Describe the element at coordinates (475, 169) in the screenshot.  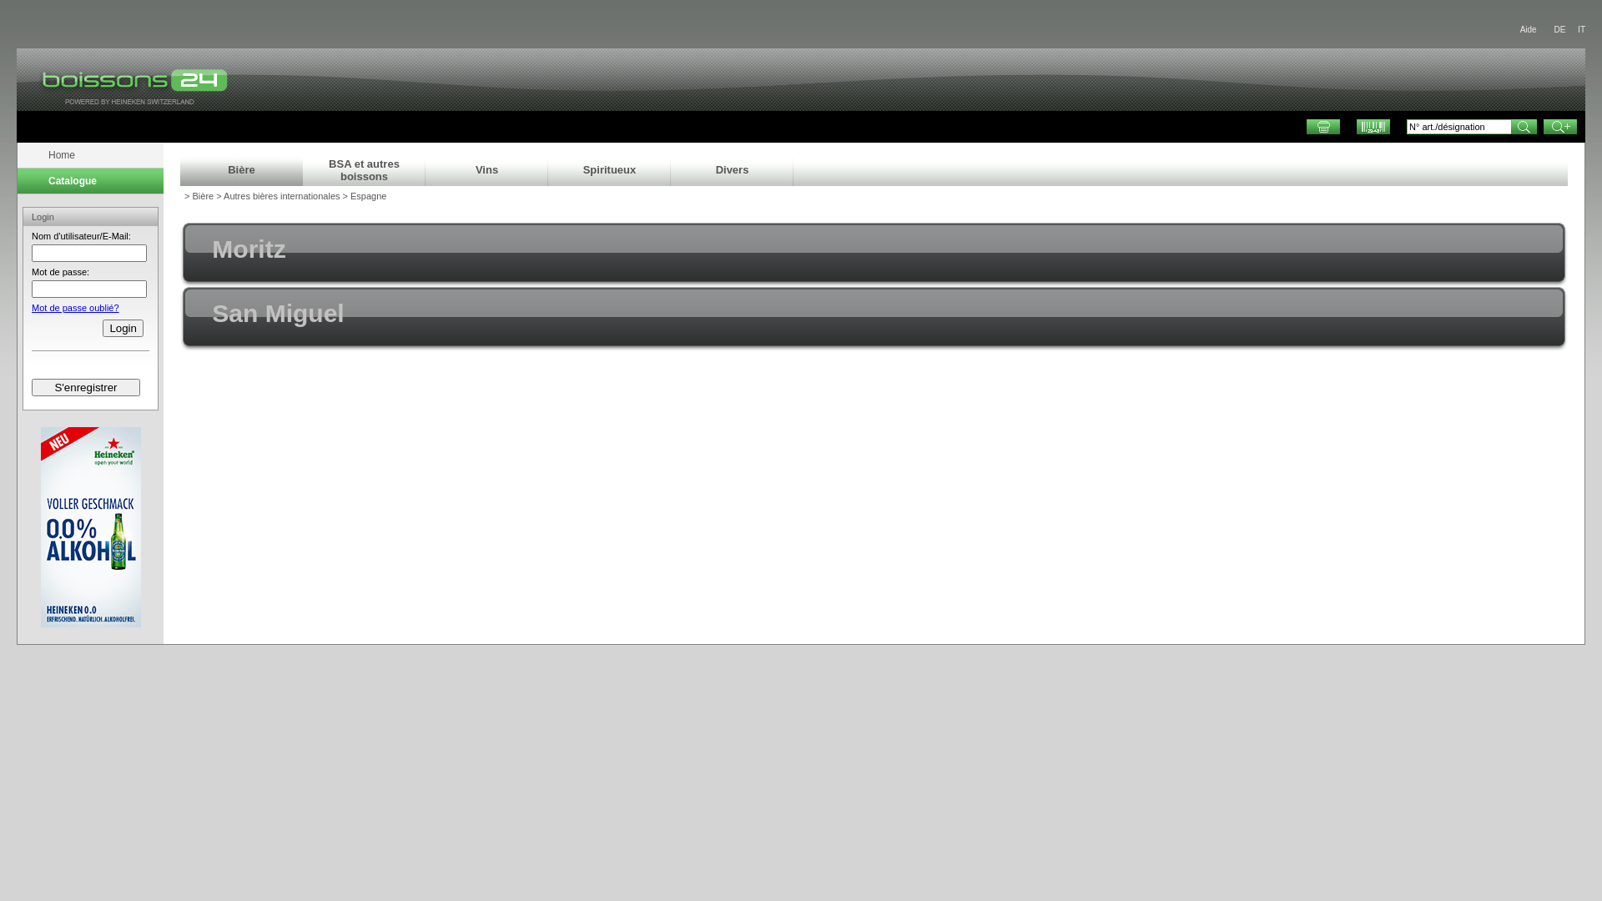
I see `'Vins'` at that location.